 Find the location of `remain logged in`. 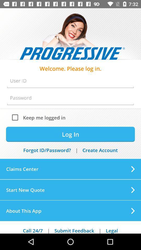

remain logged in is located at coordinates (16, 117).